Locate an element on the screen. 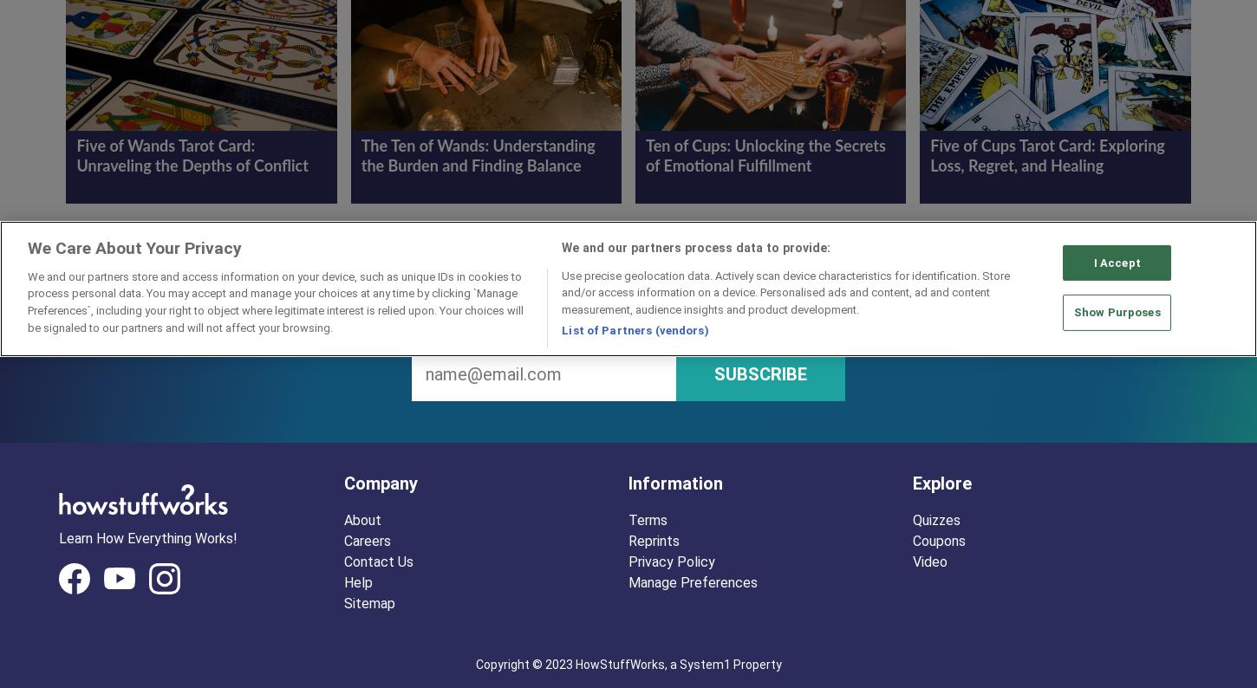 This screenshot has height=688, width=1257. 'Learn How Everything Works!' is located at coordinates (147, 537).